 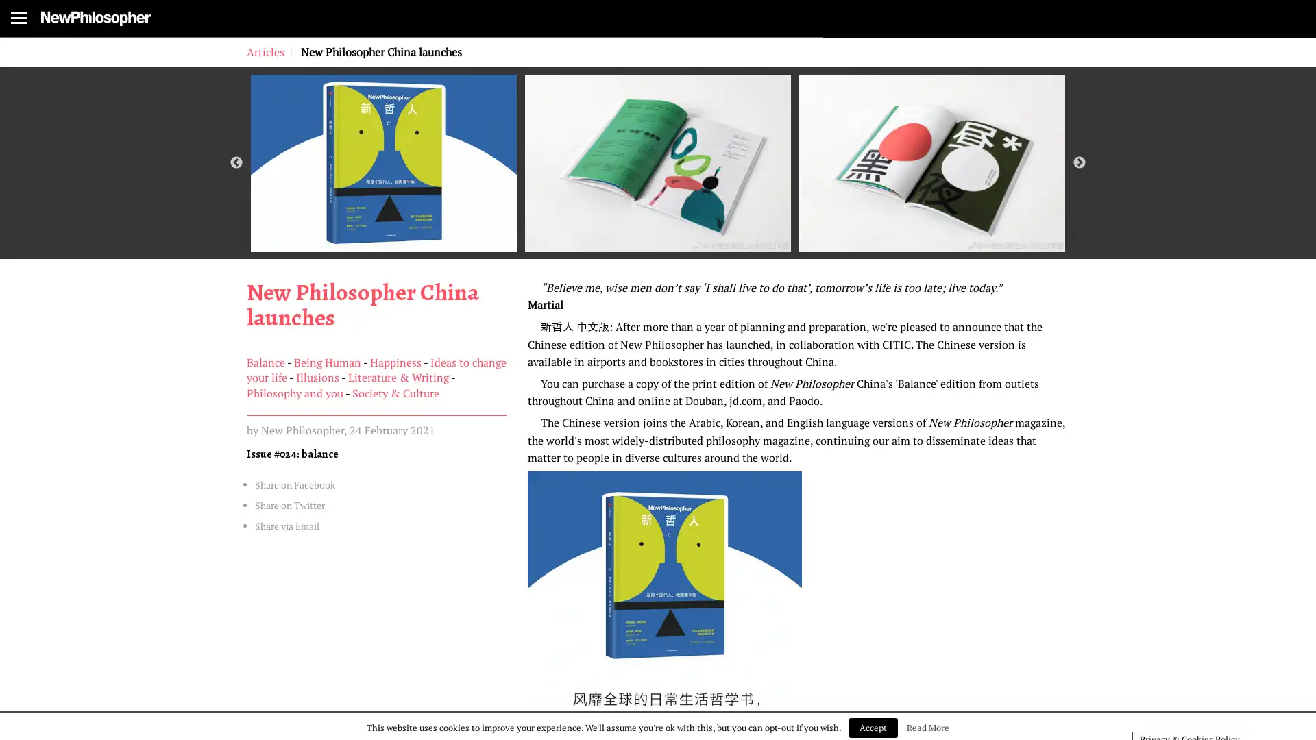 I want to click on Next, so click(x=1078, y=208).